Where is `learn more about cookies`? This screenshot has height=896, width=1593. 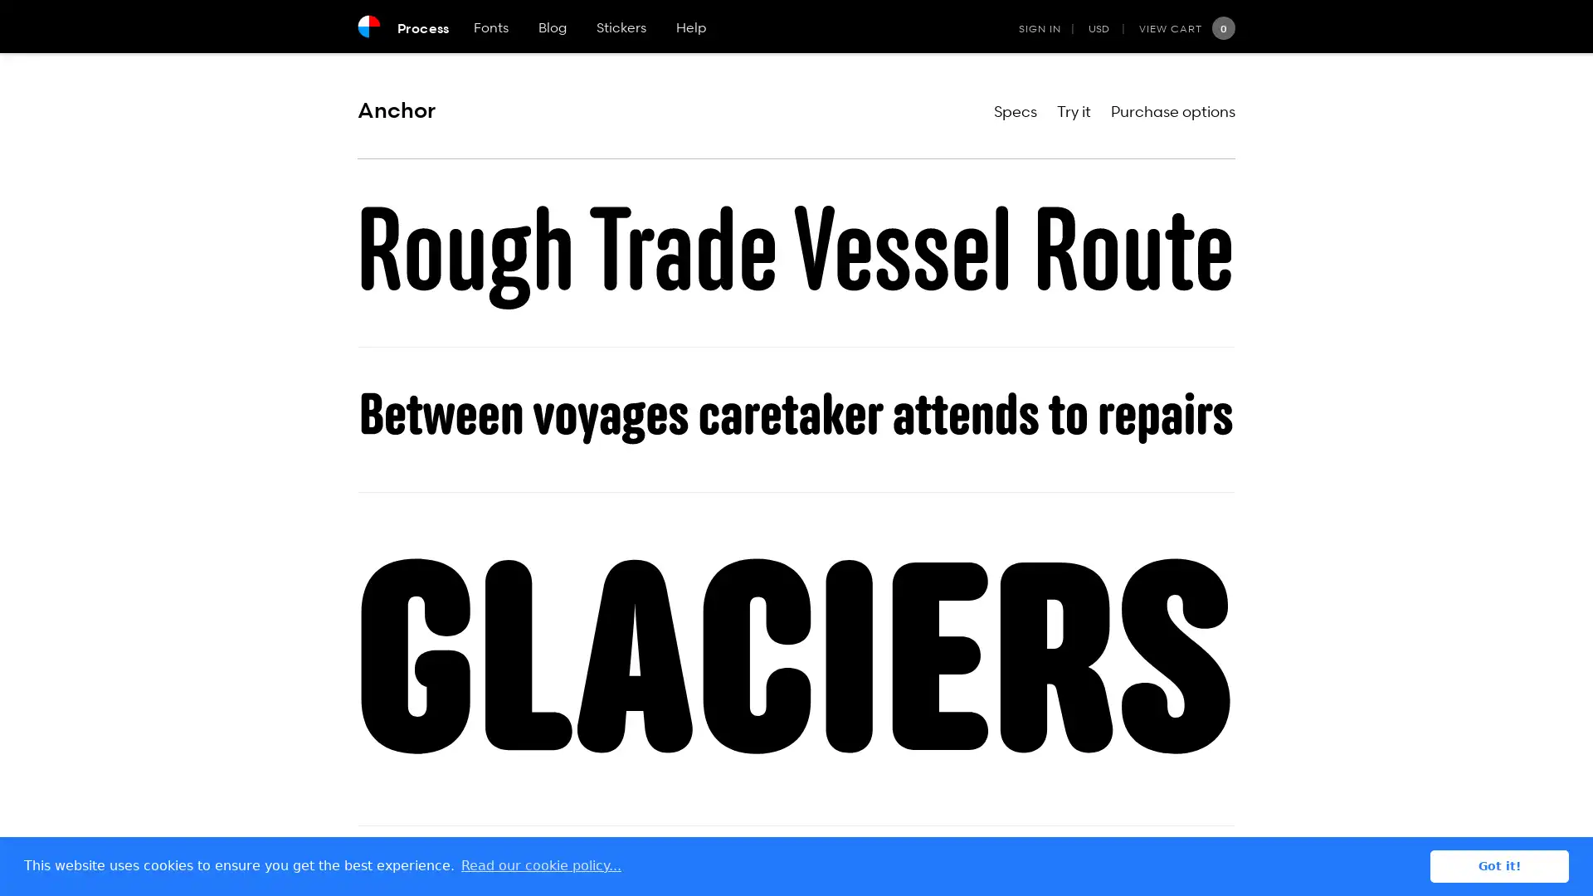 learn more about cookies is located at coordinates (541, 865).